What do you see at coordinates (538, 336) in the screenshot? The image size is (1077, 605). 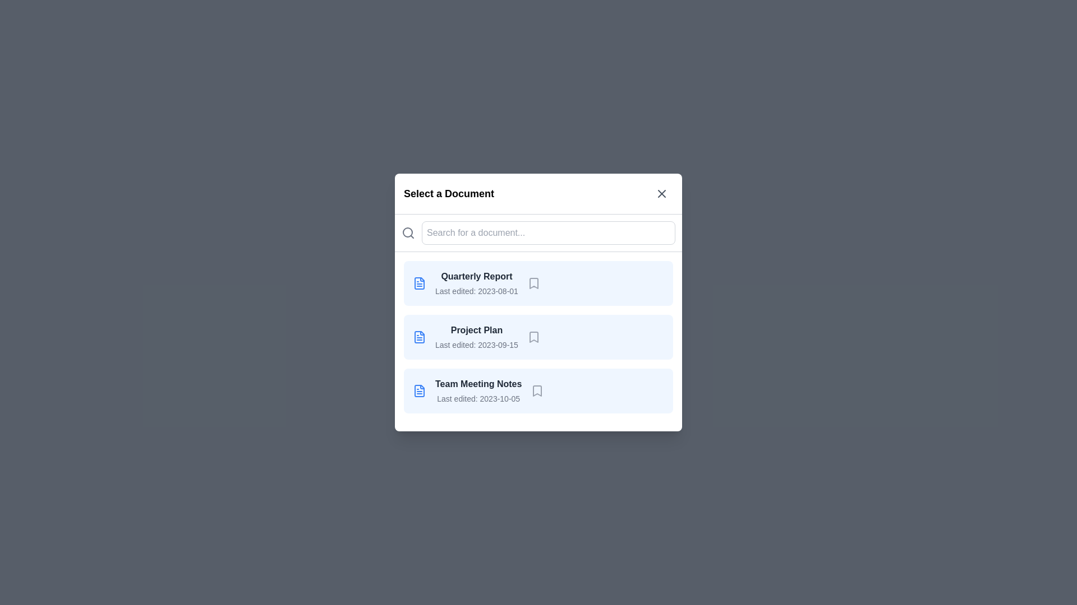 I see `the document titled Project Plan from the list` at bounding box center [538, 336].